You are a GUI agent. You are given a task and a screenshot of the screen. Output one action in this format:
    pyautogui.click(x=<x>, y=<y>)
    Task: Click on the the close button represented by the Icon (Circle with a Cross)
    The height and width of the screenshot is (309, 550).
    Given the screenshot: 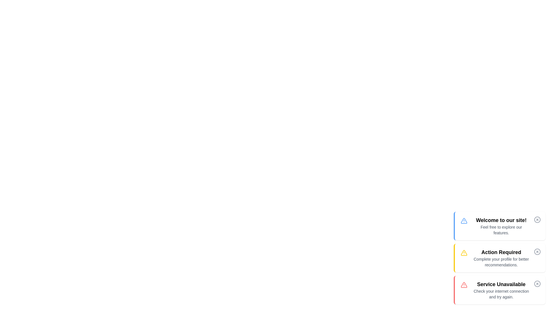 What is the action you would take?
    pyautogui.click(x=537, y=284)
    